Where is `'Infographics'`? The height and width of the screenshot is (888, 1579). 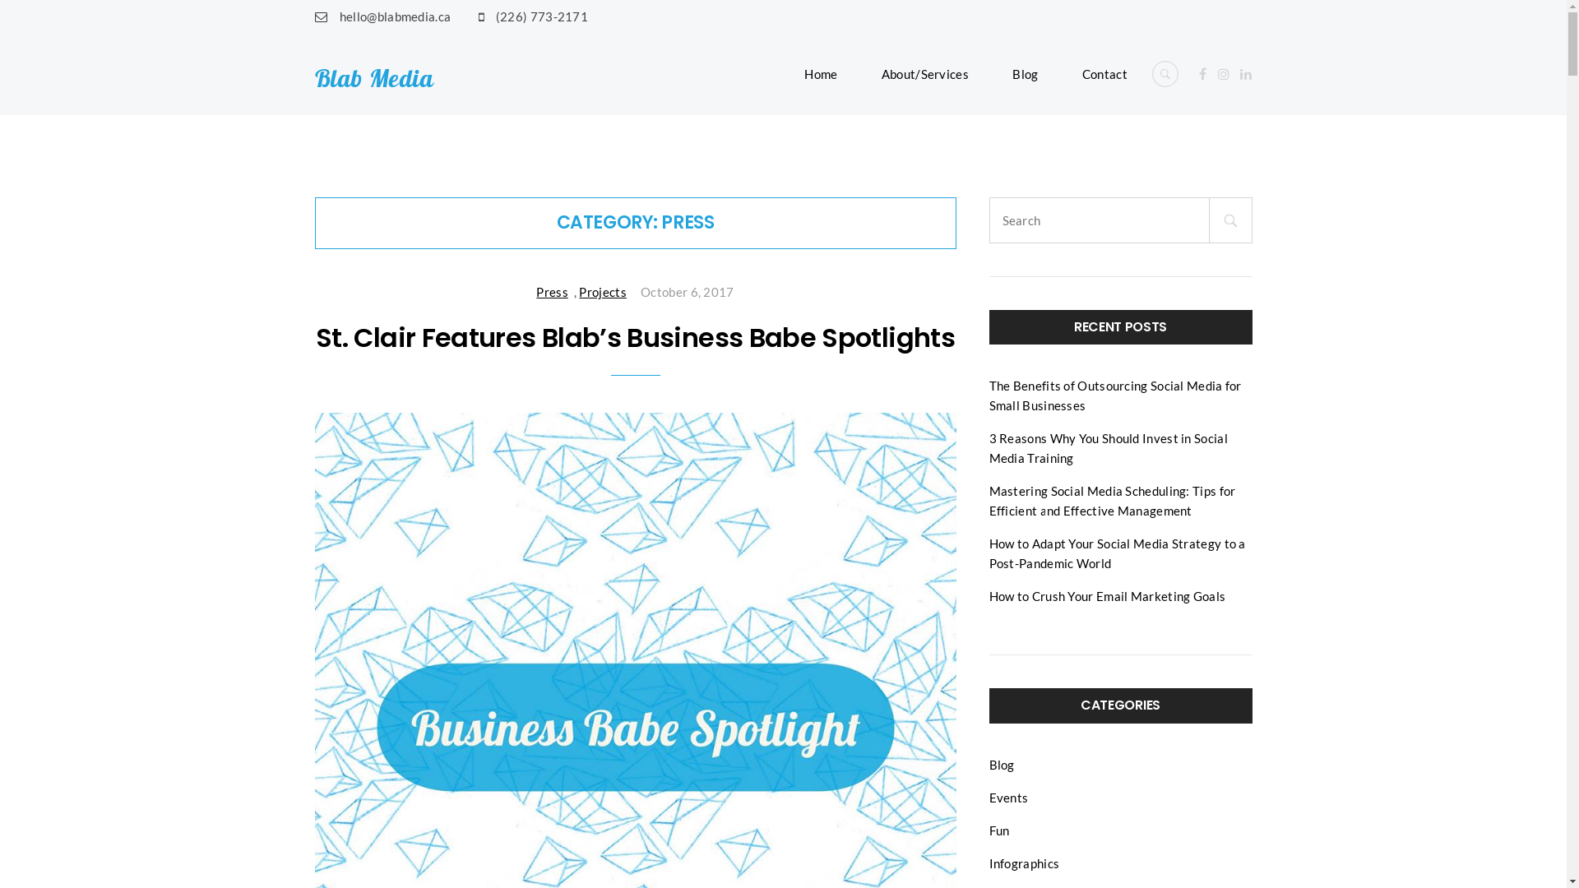
'Infographics' is located at coordinates (1022, 862).